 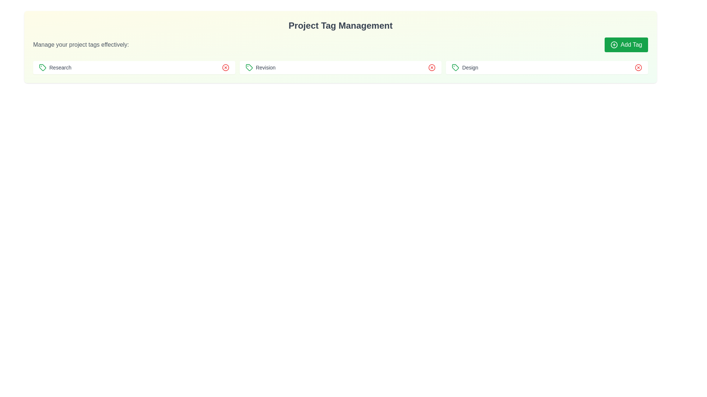 I want to click on the Text Label that indicates the project category, located to the right of a green tag icon in the top-left area of the interface, so click(x=60, y=68).